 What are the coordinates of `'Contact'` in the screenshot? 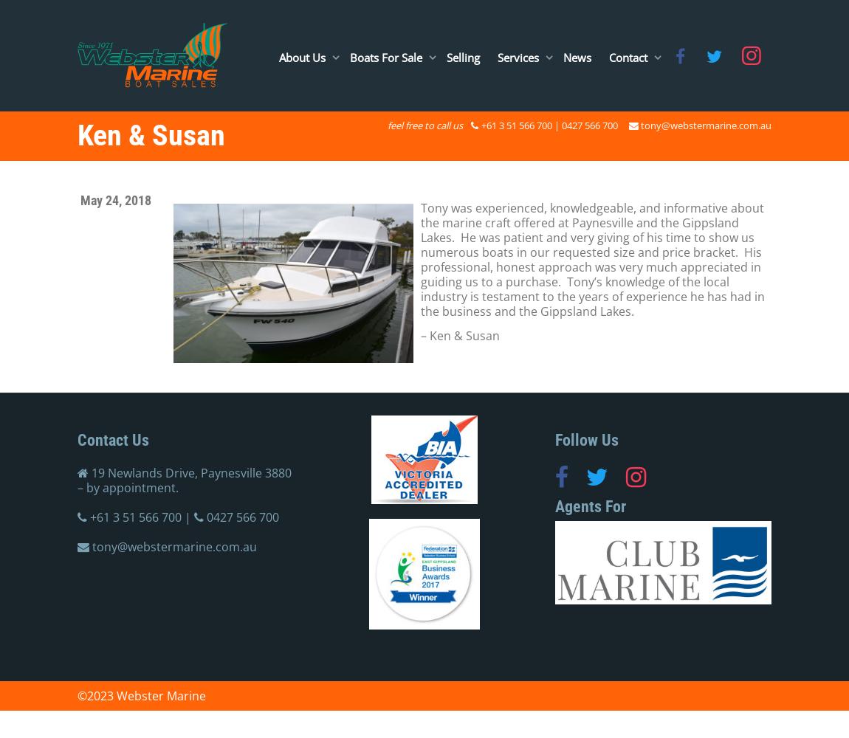 It's located at (628, 56).